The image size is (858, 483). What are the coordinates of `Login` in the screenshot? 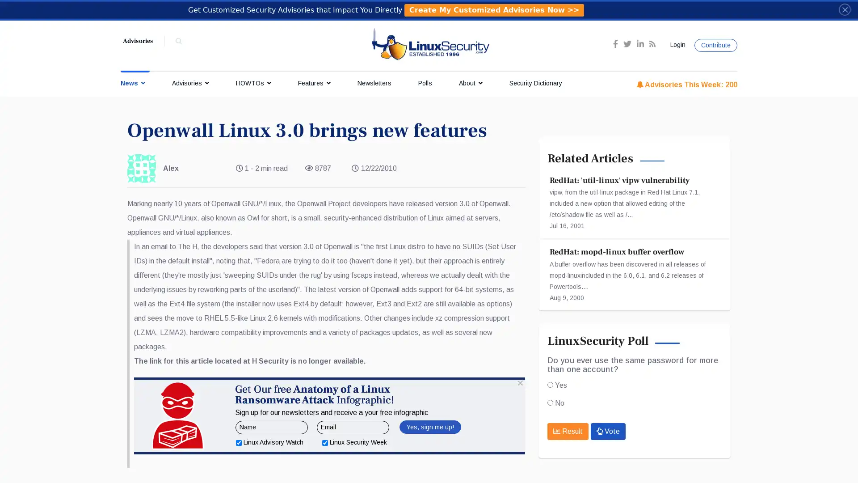 It's located at (676, 45).